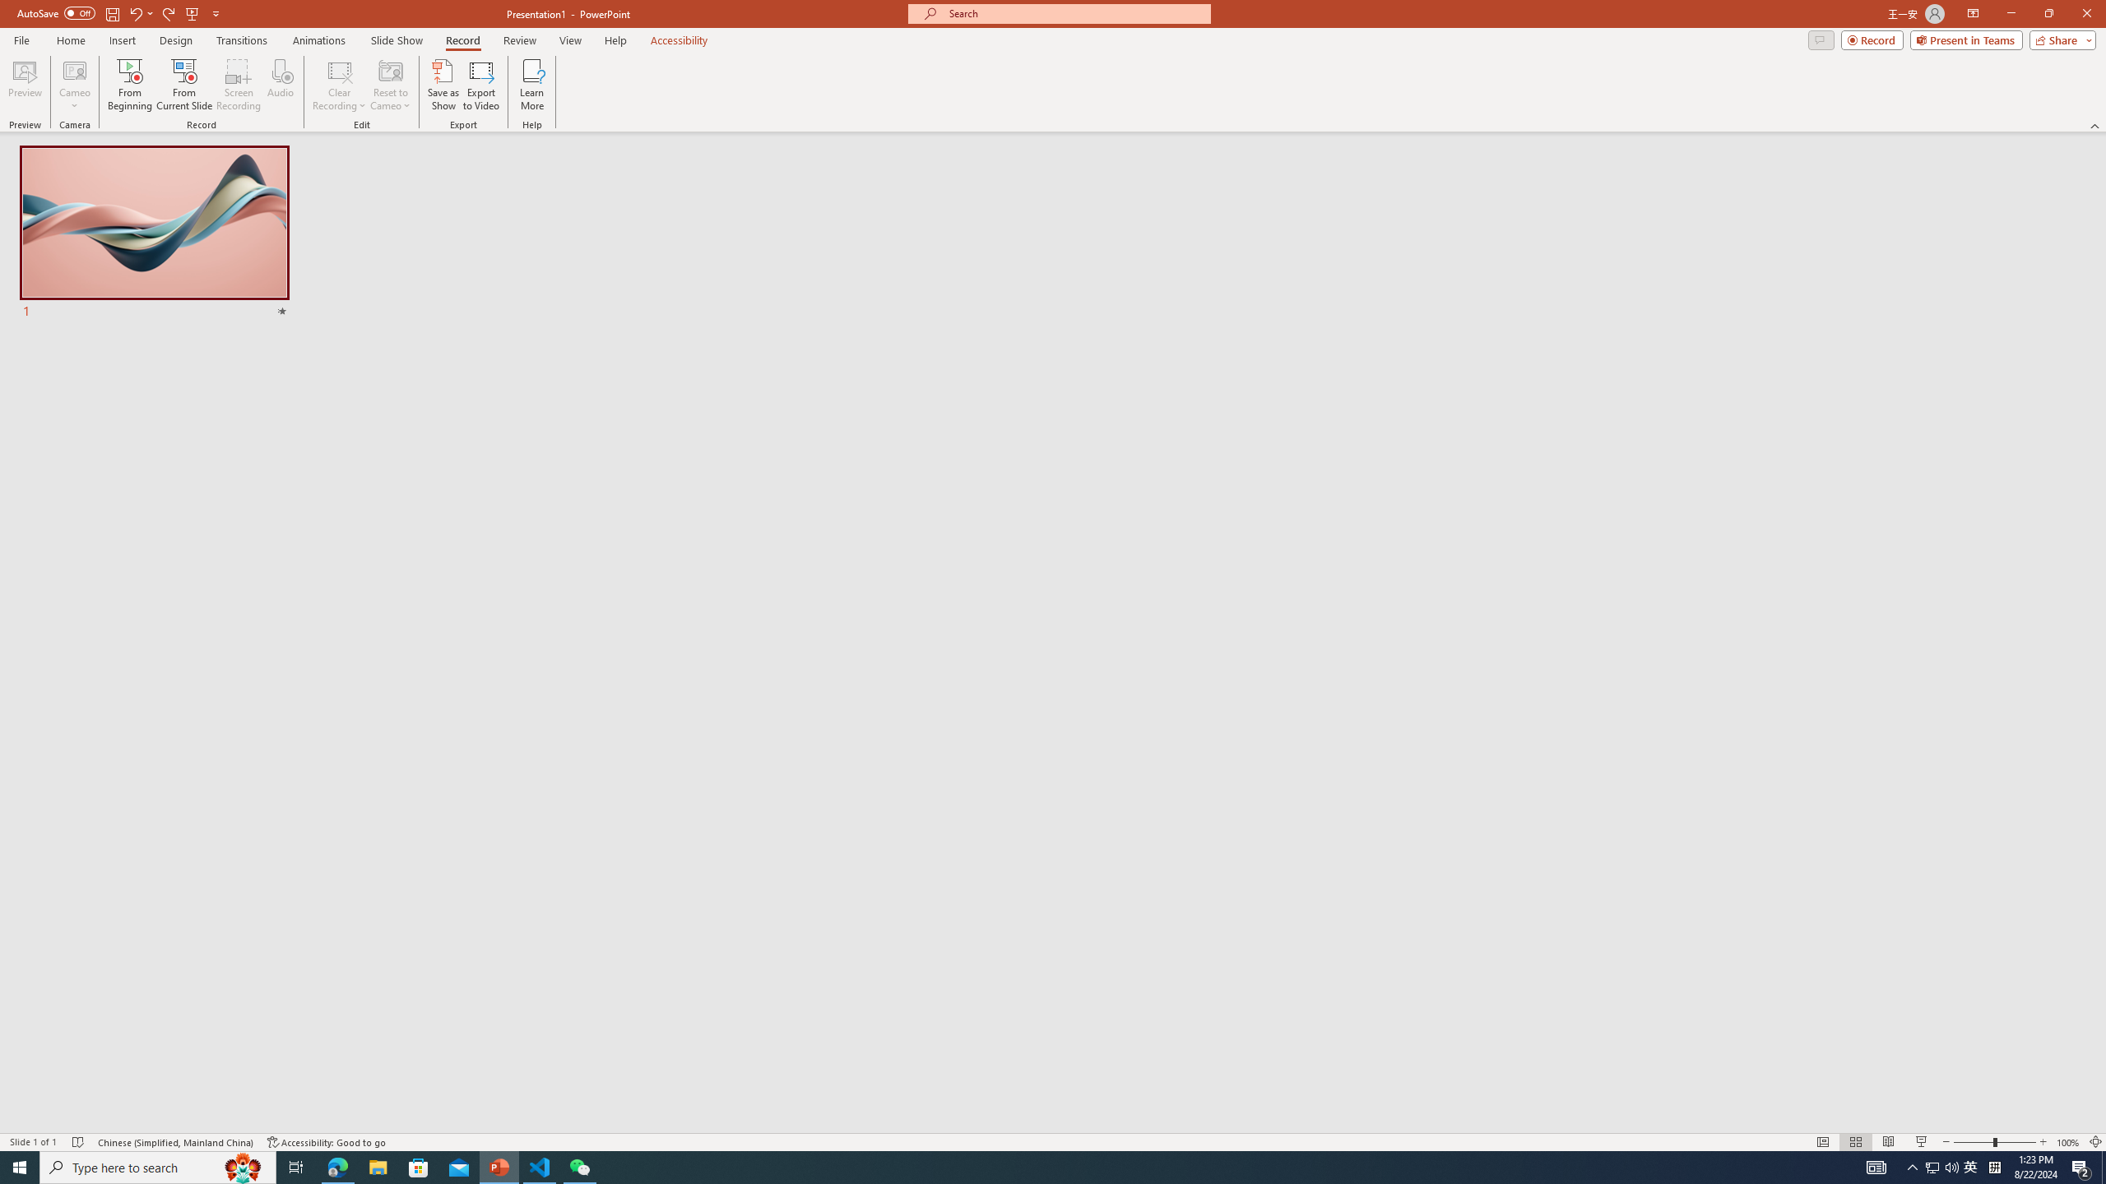  I want to click on 'Zoom 100%', so click(2069, 1142).